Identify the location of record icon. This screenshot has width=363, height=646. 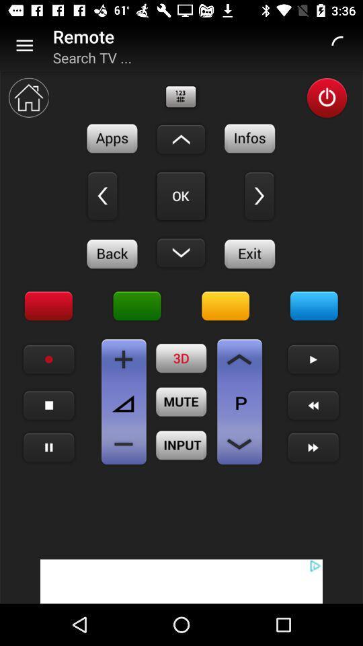
(48, 359).